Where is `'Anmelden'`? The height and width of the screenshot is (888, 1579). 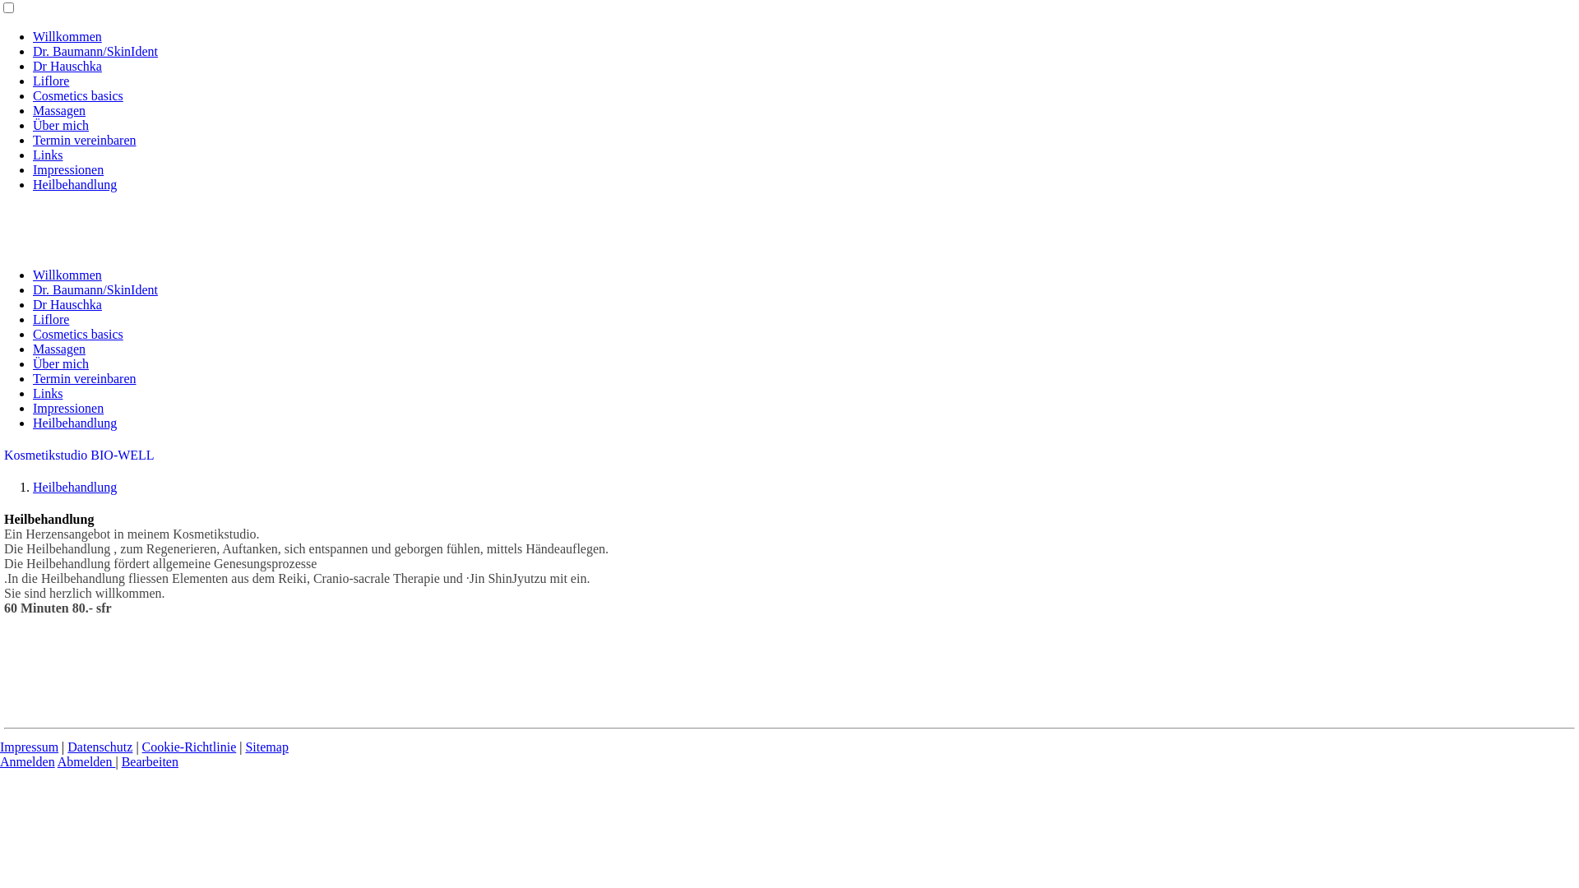
'Anmelden' is located at coordinates (27, 761).